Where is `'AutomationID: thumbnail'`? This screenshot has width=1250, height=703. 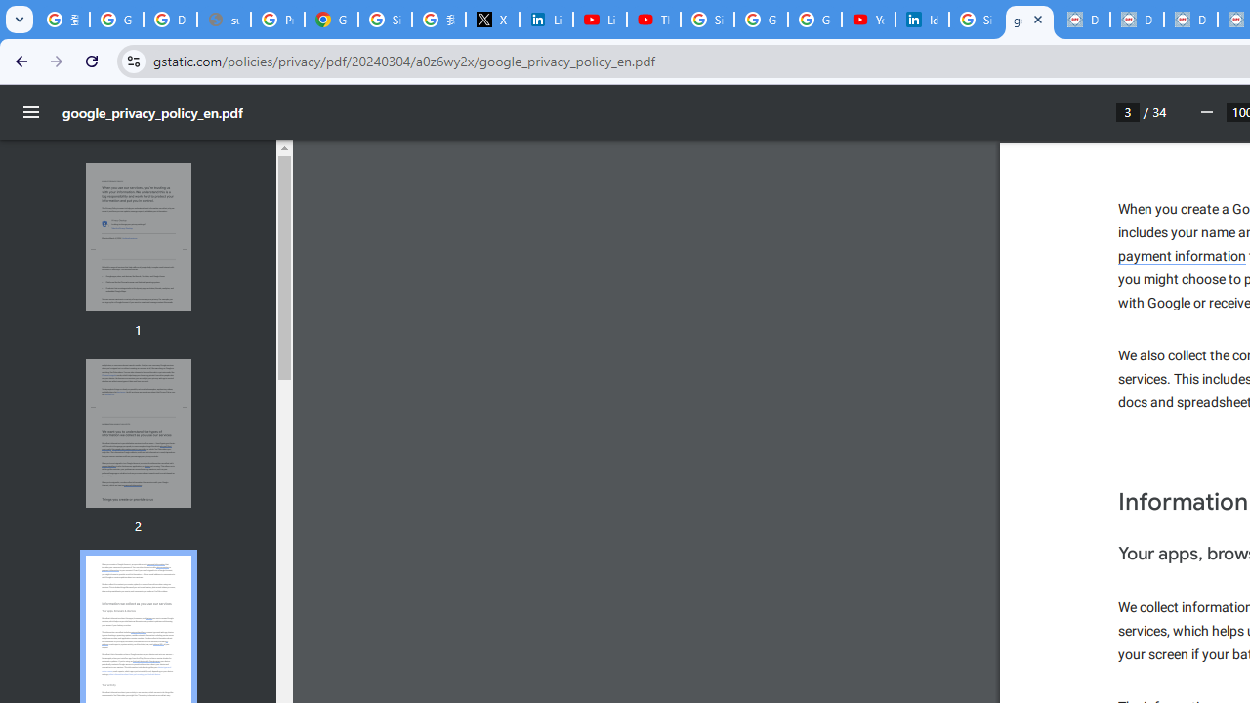 'AutomationID: thumbnail' is located at coordinates (137, 432).